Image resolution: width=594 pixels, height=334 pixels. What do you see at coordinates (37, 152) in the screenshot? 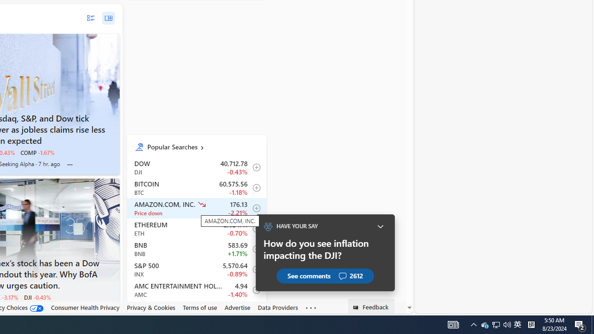
I see `'COMP -1.67%'` at bounding box center [37, 152].